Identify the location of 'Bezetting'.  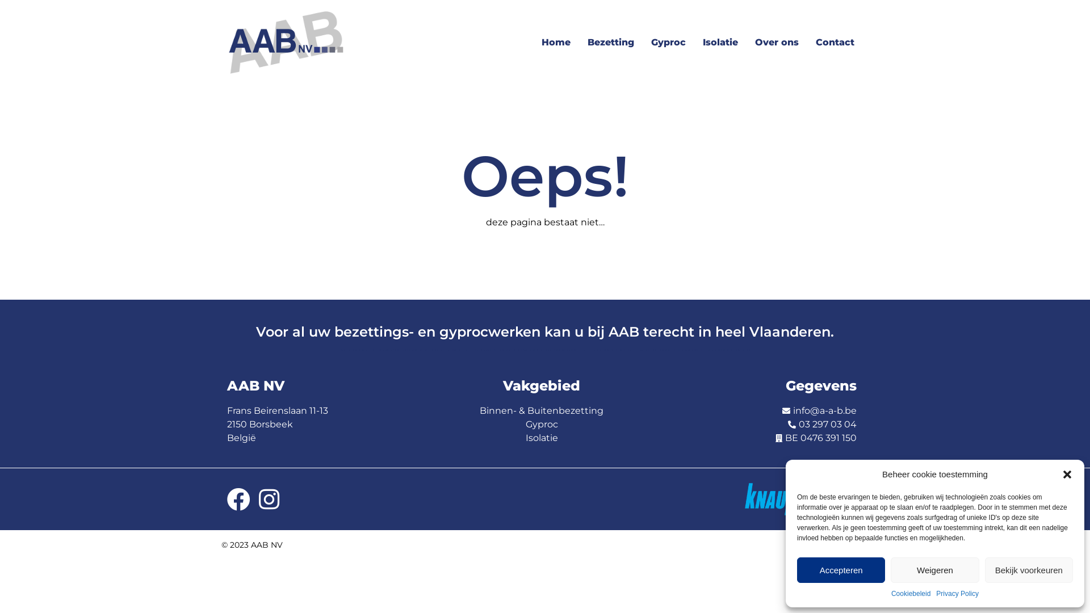
(610, 41).